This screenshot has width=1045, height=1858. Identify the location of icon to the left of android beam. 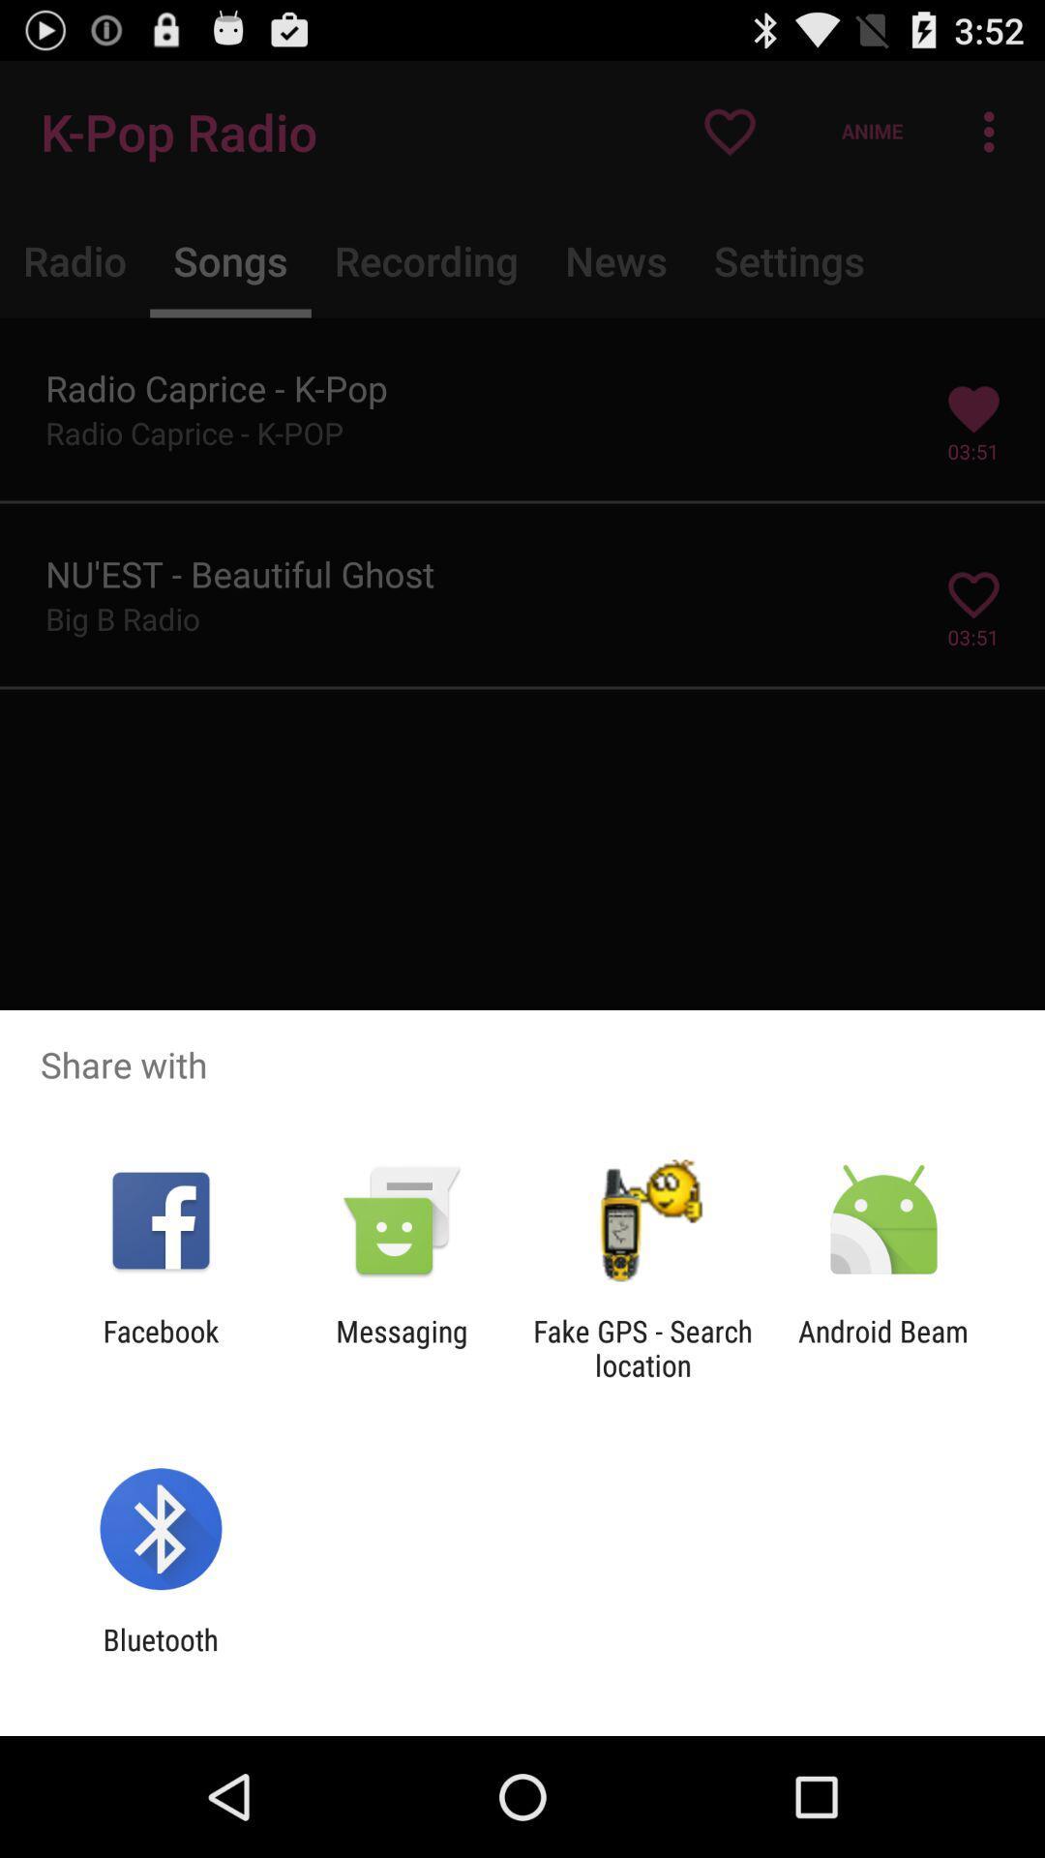
(642, 1347).